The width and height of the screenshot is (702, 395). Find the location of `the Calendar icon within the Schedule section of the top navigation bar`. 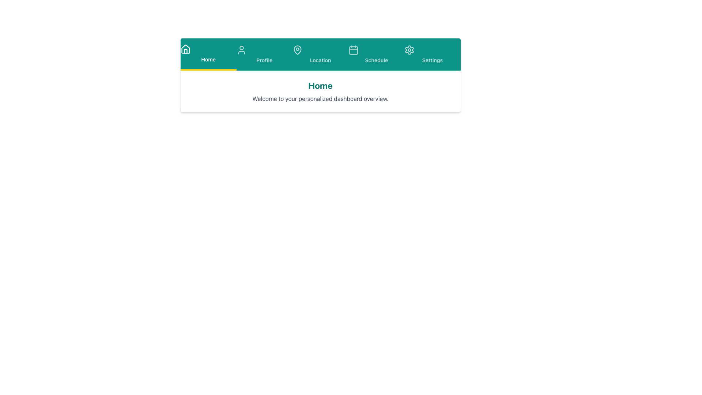

the Calendar icon within the Schedule section of the top navigation bar is located at coordinates (354, 50).